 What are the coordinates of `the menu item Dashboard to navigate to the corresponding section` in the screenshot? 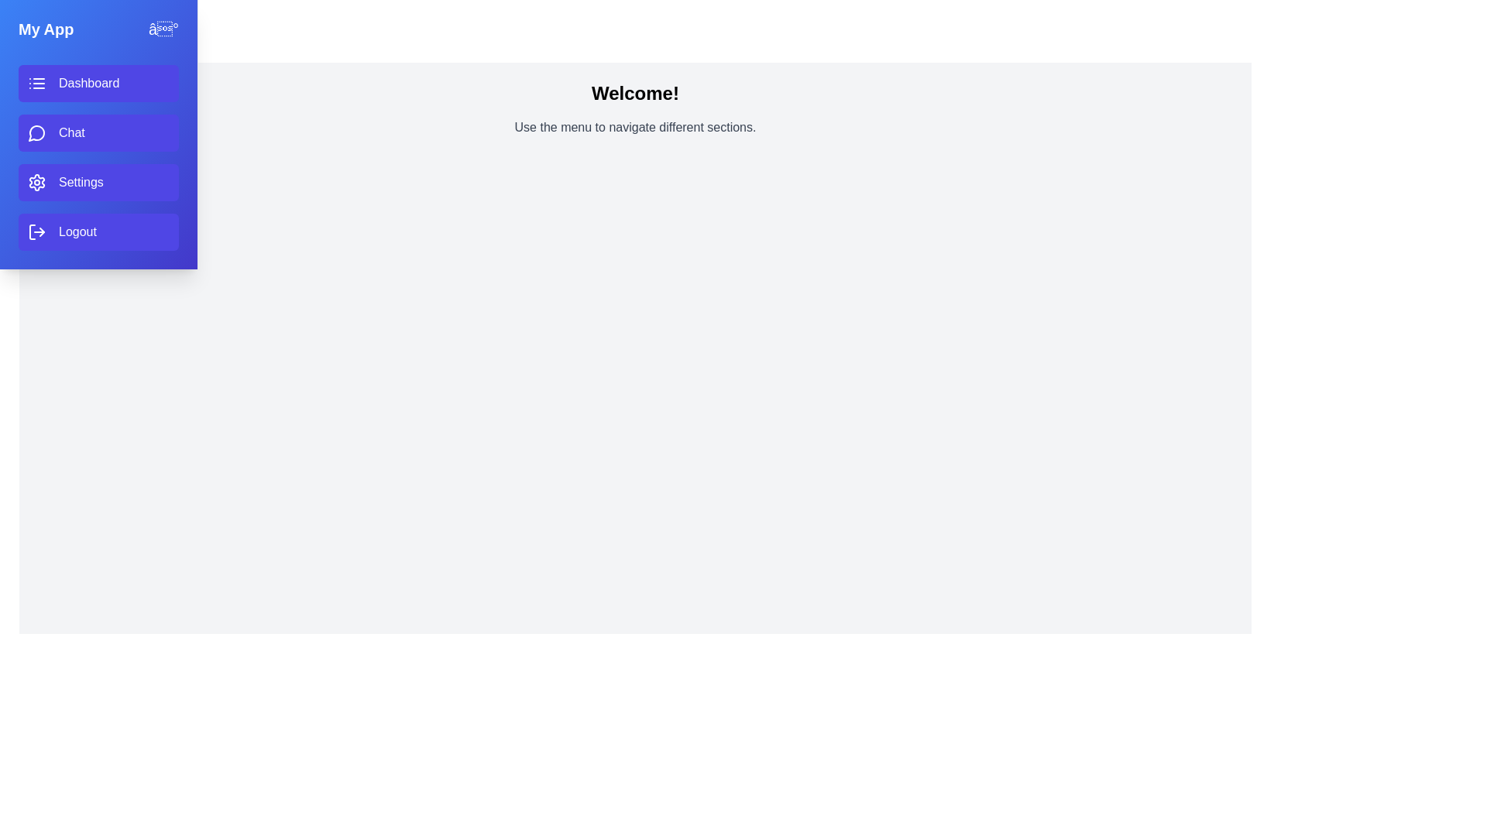 It's located at (98, 84).